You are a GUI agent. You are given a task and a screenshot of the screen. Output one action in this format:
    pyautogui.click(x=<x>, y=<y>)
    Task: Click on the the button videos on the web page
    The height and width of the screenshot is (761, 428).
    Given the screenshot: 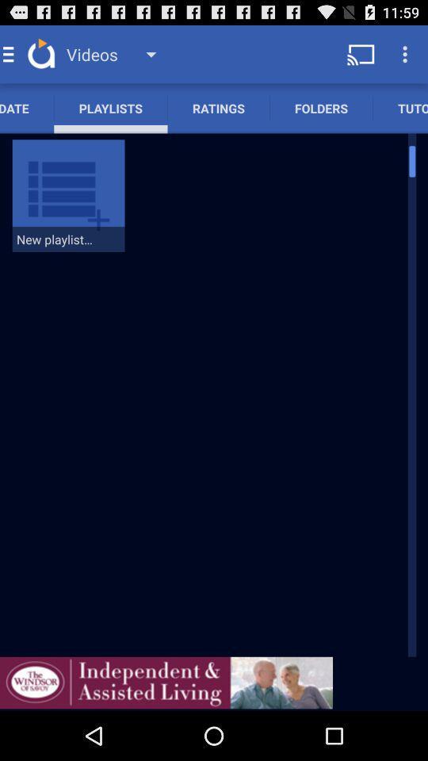 What is the action you would take?
    pyautogui.click(x=117, y=54)
    